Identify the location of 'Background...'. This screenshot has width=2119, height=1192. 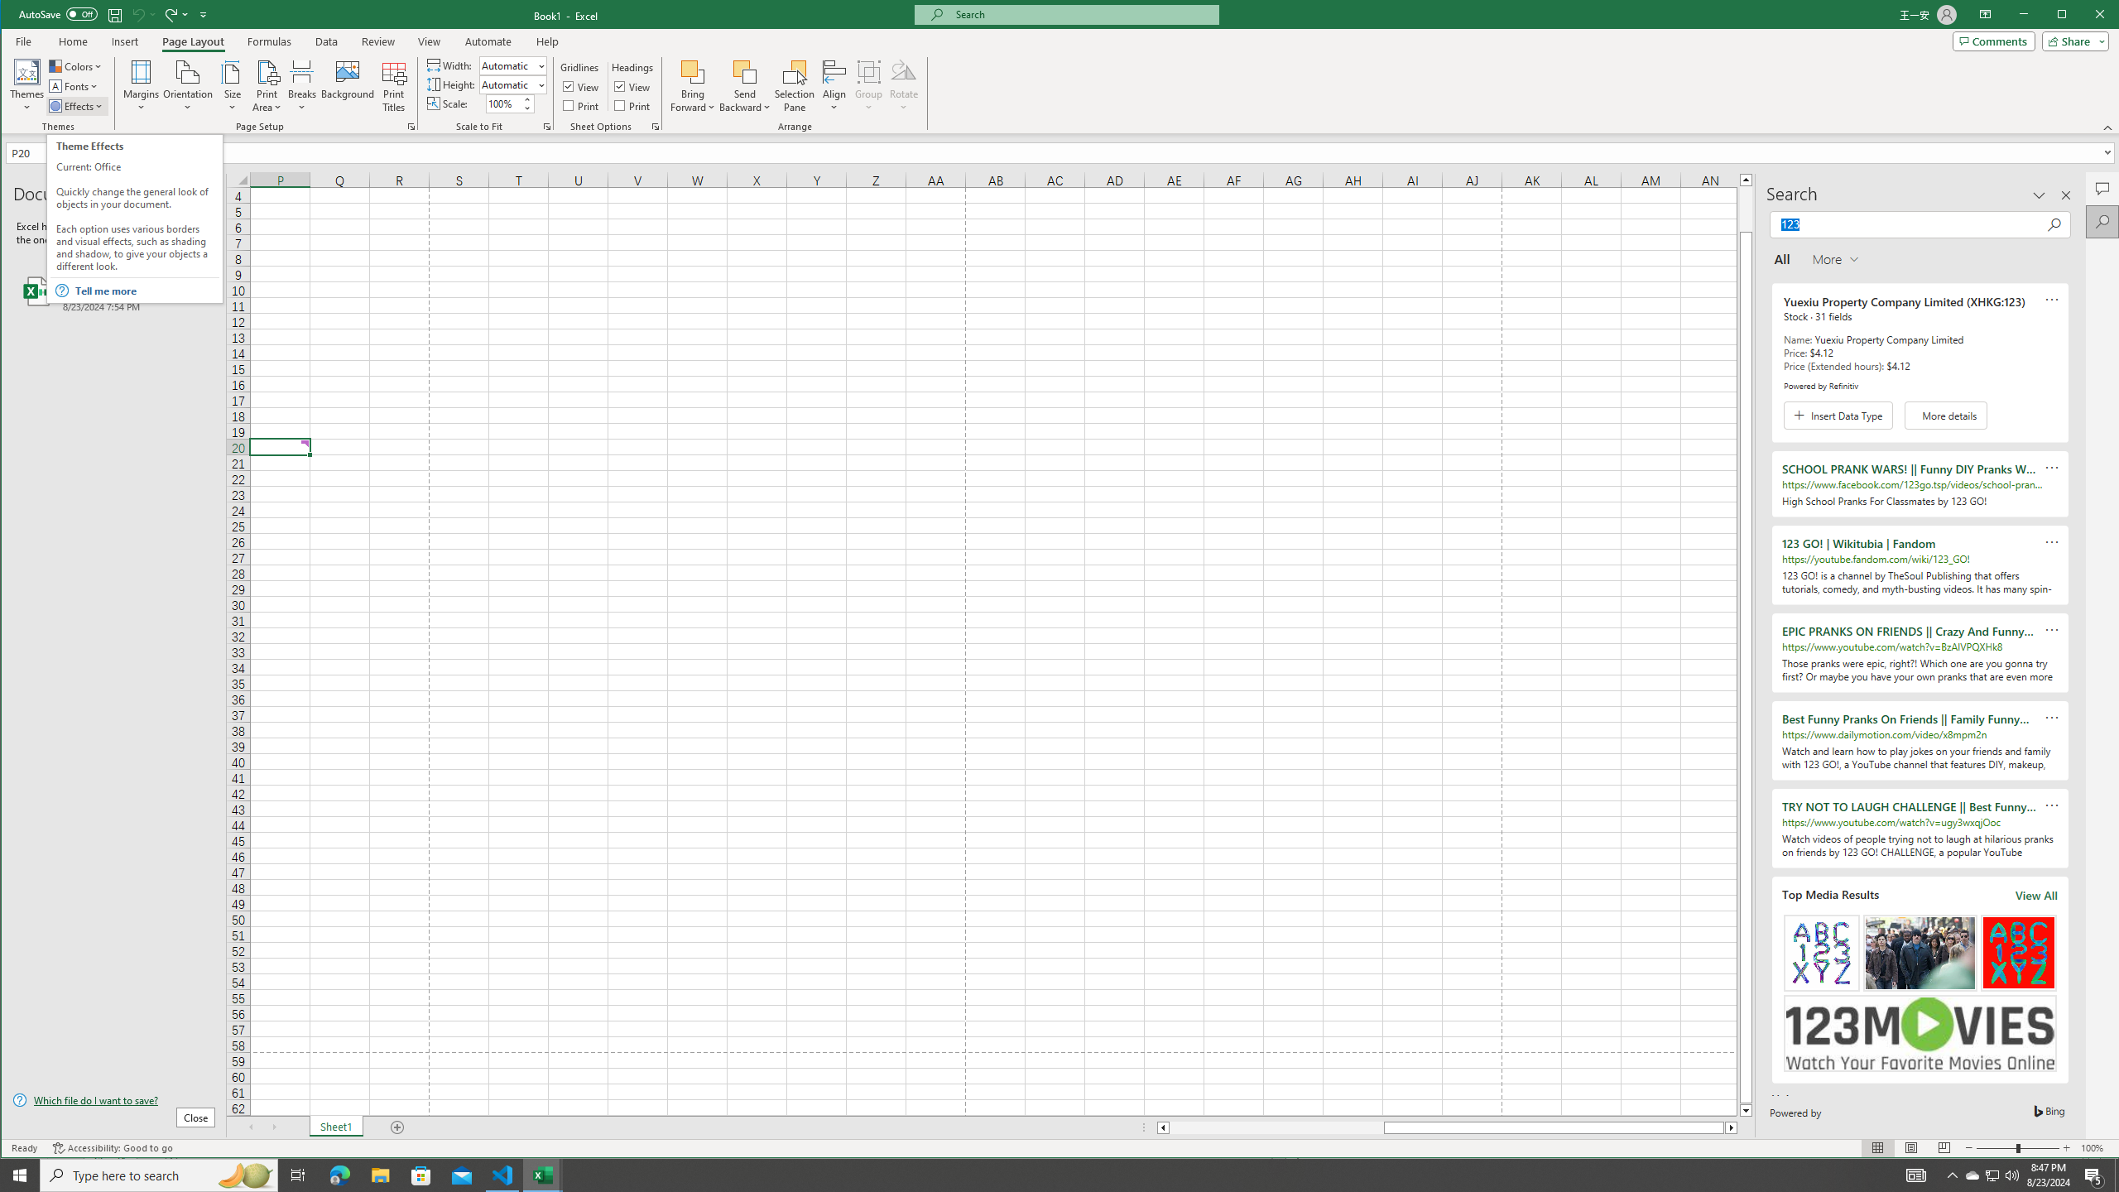
(348, 85).